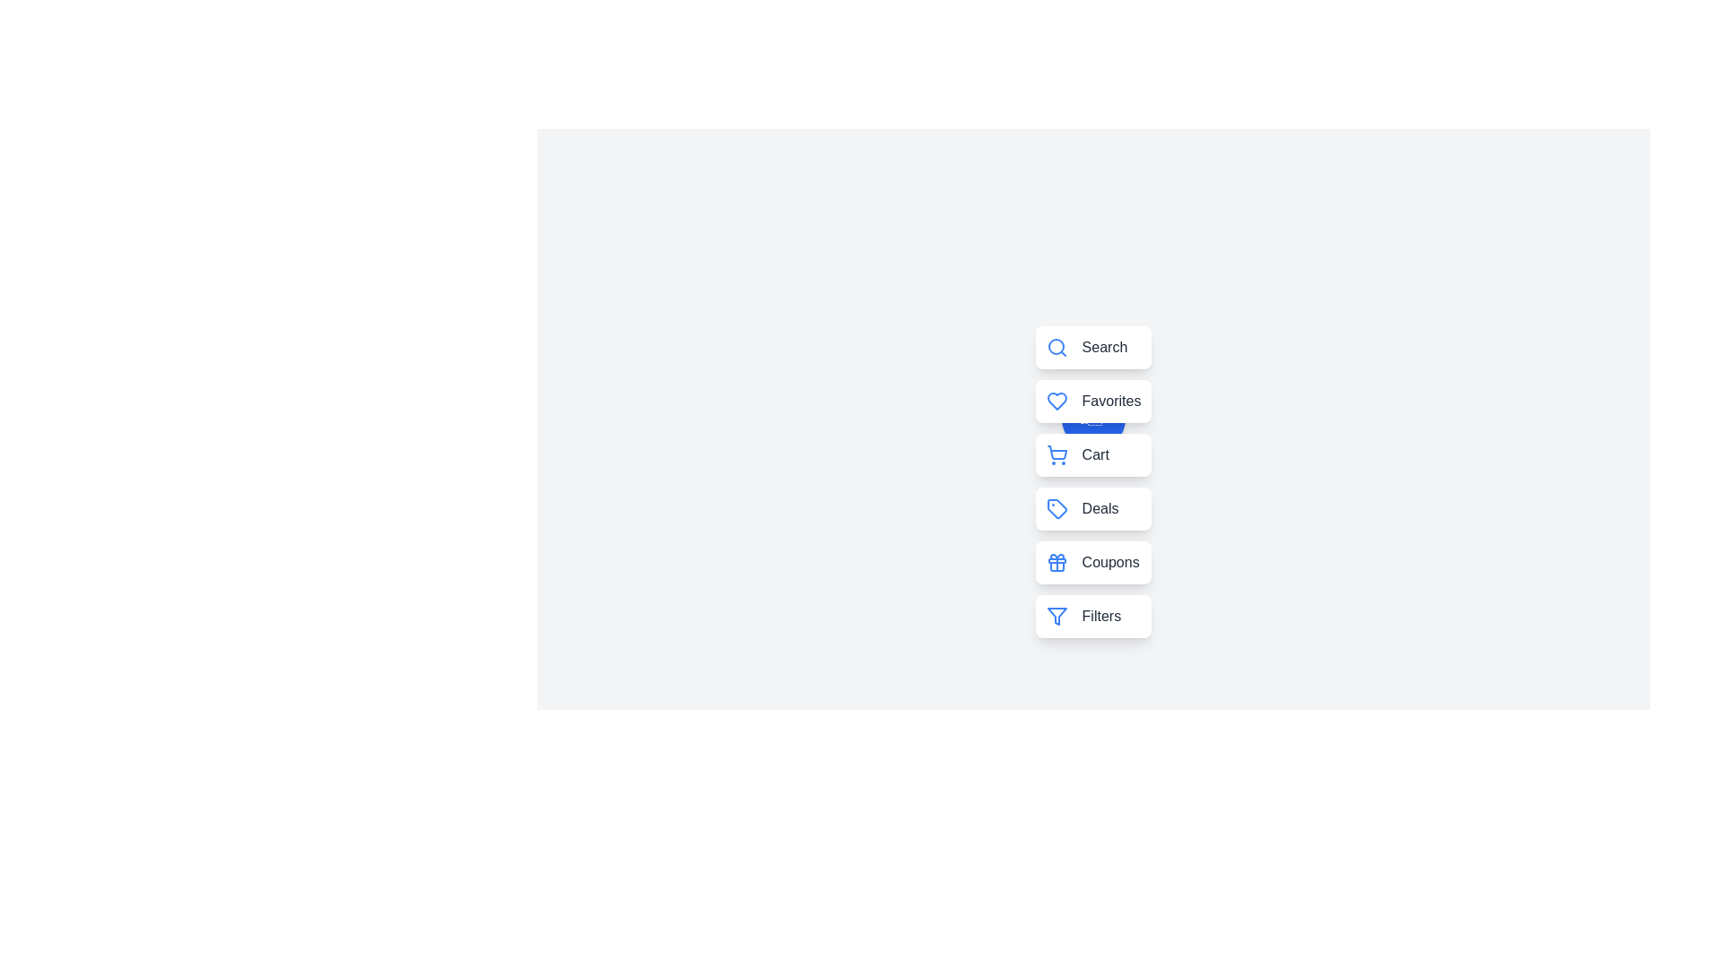 Image resolution: width=1722 pixels, height=968 pixels. What do you see at coordinates (1103, 348) in the screenshot?
I see `the 'Search' text label, which is styled in medium-weight, gray-colored font and is positioned to the right of a magnifying glass icon at the top of a vertical list of options` at bounding box center [1103, 348].